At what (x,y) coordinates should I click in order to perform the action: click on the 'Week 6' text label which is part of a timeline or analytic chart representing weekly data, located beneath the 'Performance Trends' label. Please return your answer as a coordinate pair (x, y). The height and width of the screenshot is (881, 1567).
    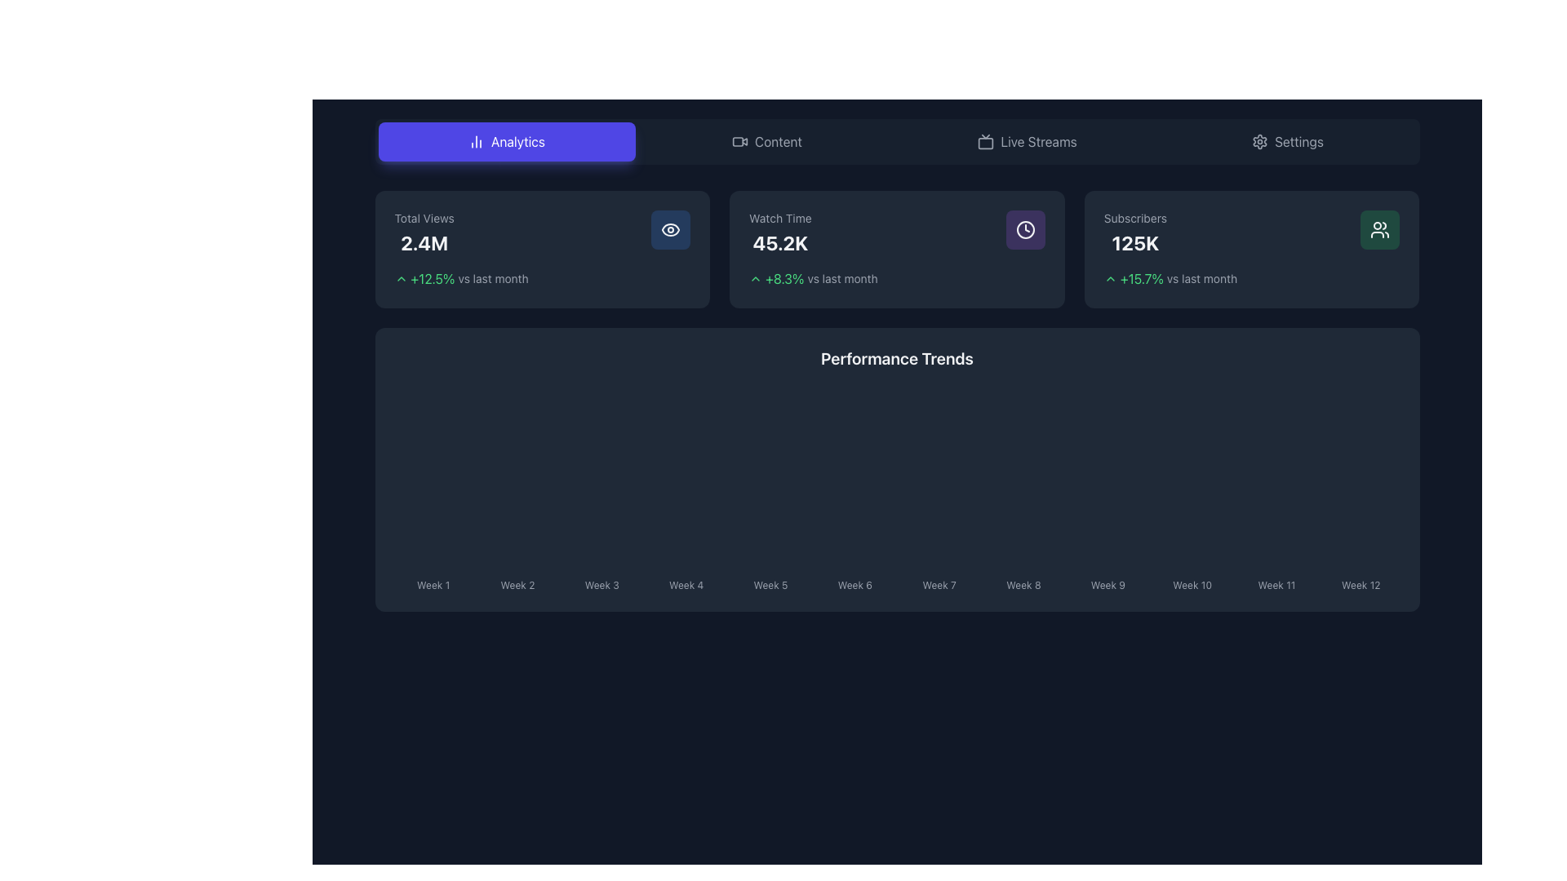
    Looking at the image, I should click on (854, 581).